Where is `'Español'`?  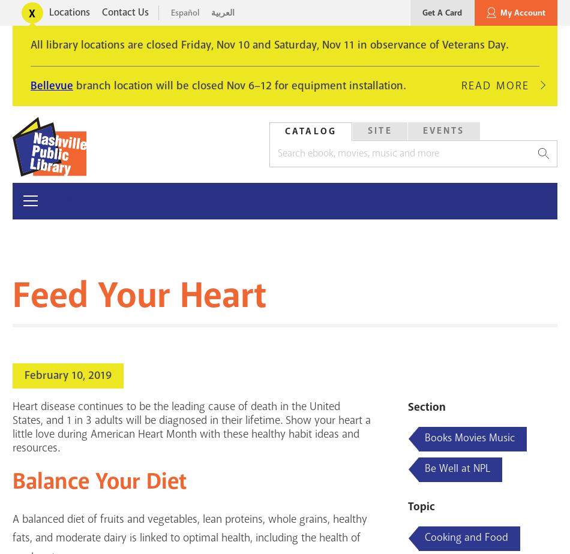
'Español' is located at coordinates (184, 13).